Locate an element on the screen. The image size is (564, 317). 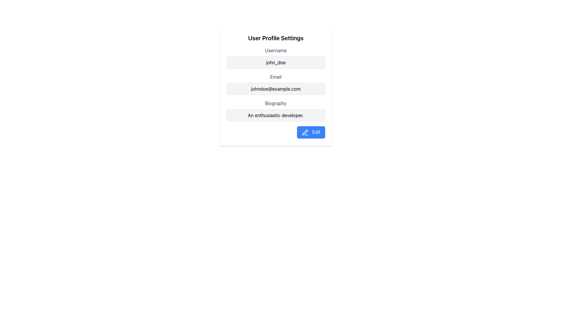
the graphical icon resembling a pen within the 'Edit' button in the user profile settings panel is located at coordinates (305, 132).